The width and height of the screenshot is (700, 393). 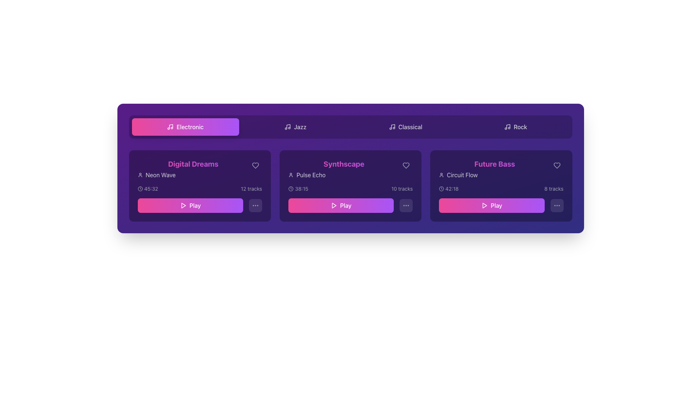 What do you see at coordinates (515, 126) in the screenshot?
I see `the 'Rock' genre button, which is a text label with a music icon, located in the top right of the navigation bar among other genre buttons` at bounding box center [515, 126].